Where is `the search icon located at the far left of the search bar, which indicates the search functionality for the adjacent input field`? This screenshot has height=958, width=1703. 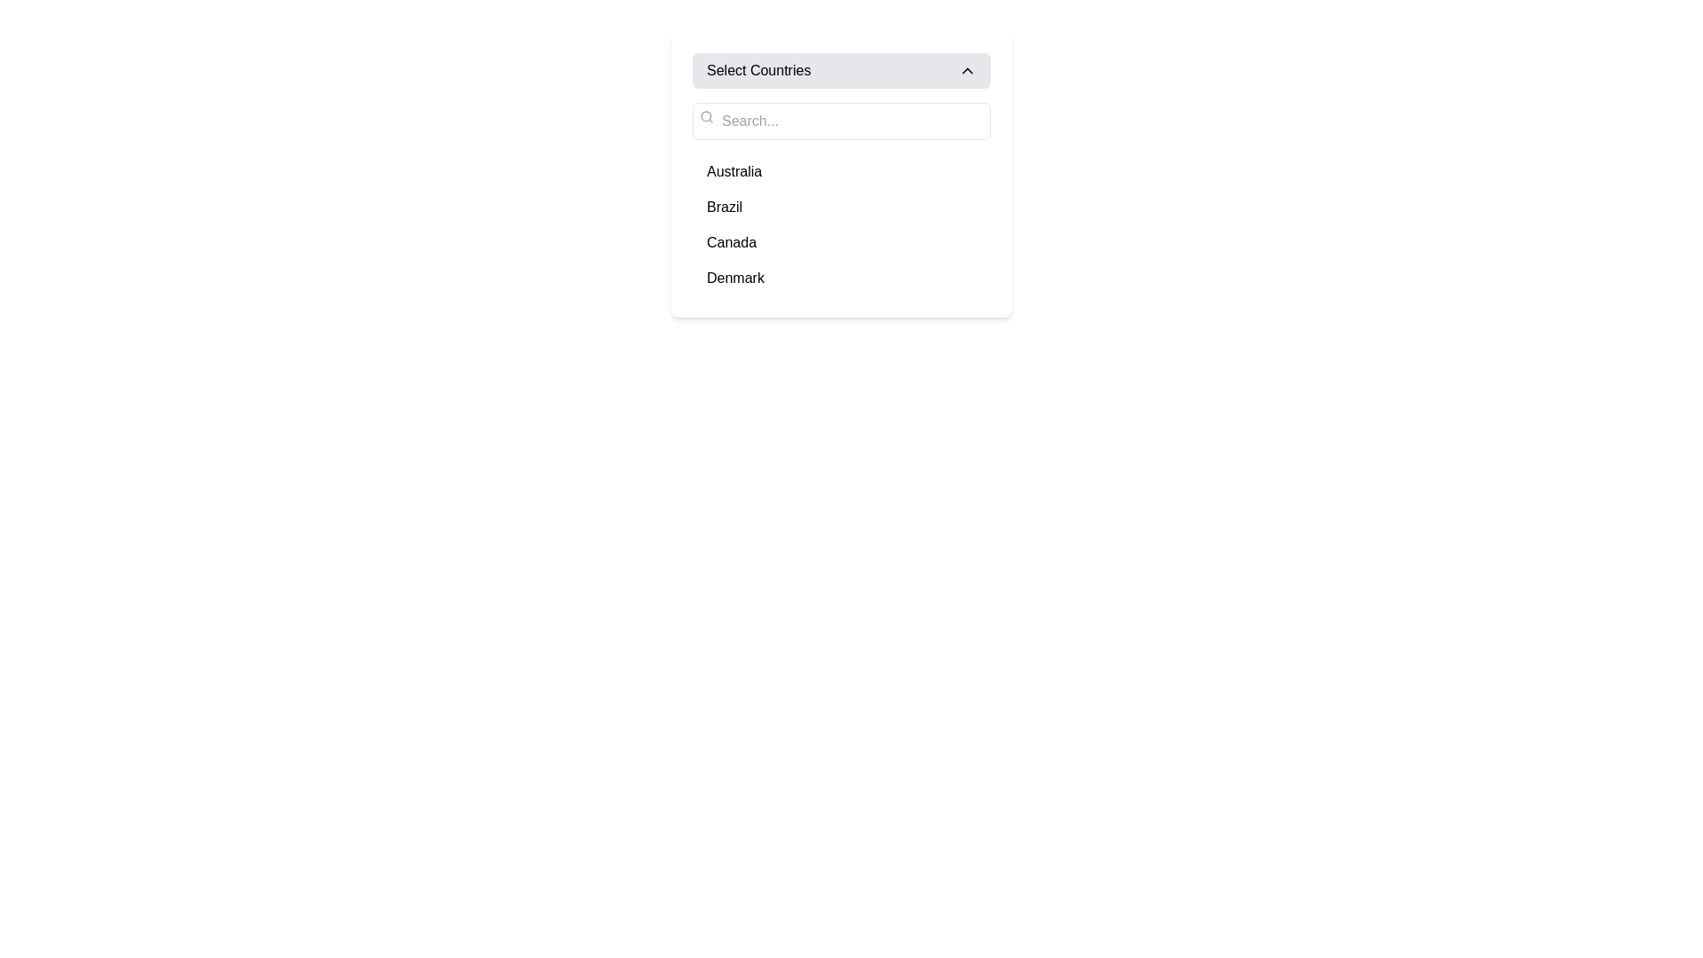 the search icon located at the far left of the search bar, which indicates the search functionality for the adjacent input field is located at coordinates (705, 116).